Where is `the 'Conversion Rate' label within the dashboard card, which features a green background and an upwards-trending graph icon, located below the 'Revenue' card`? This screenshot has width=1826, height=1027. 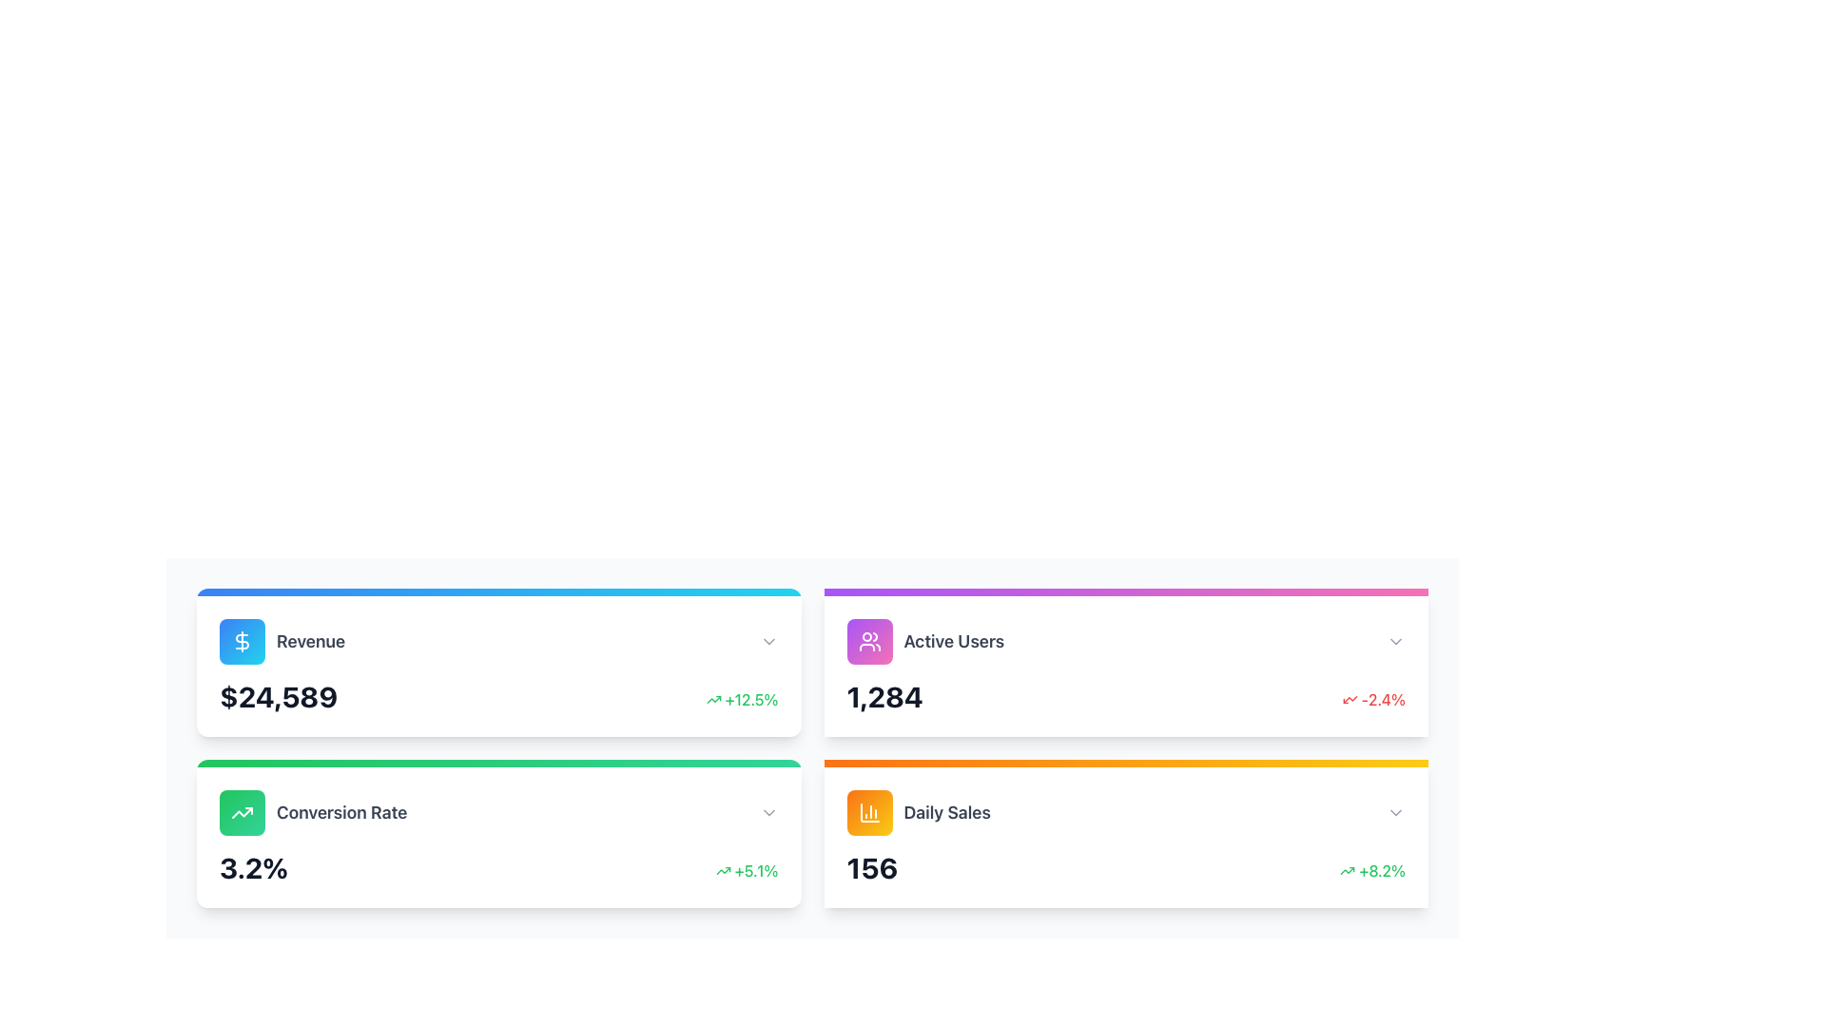 the 'Conversion Rate' label within the dashboard card, which features a green background and an upwards-trending graph icon, located below the 'Revenue' card is located at coordinates (313, 813).